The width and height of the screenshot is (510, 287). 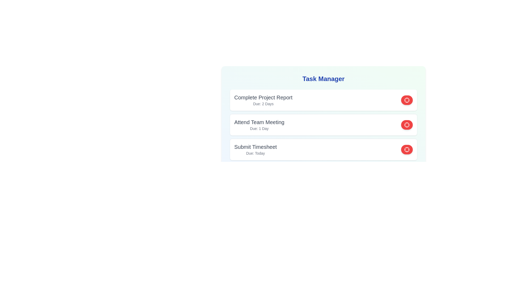 What do you see at coordinates (256, 150) in the screenshot?
I see `the third label in the task management interface that displays a task's title and due date, positioned beneath 'Complete Project Report' and 'Attend Team Meeting'` at bounding box center [256, 150].